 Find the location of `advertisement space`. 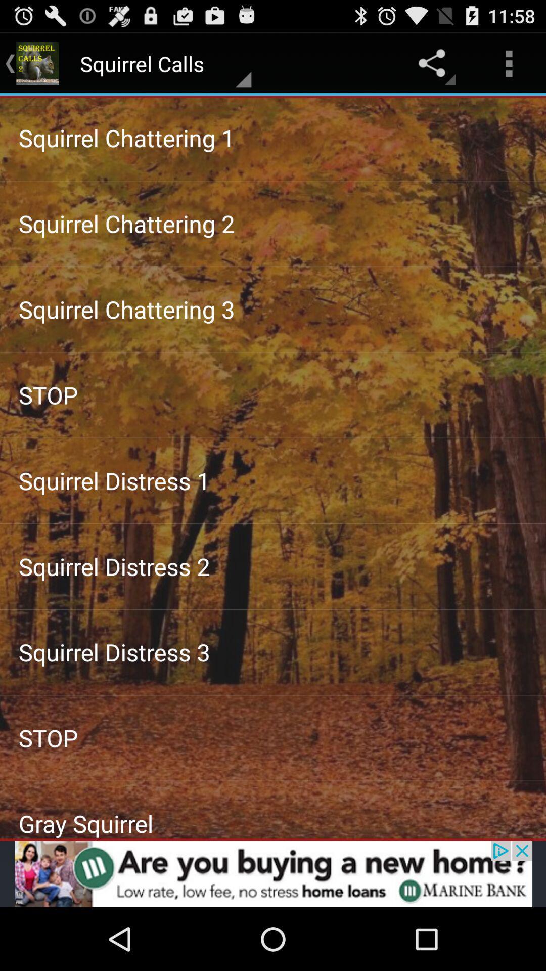

advertisement space is located at coordinates (273, 873).